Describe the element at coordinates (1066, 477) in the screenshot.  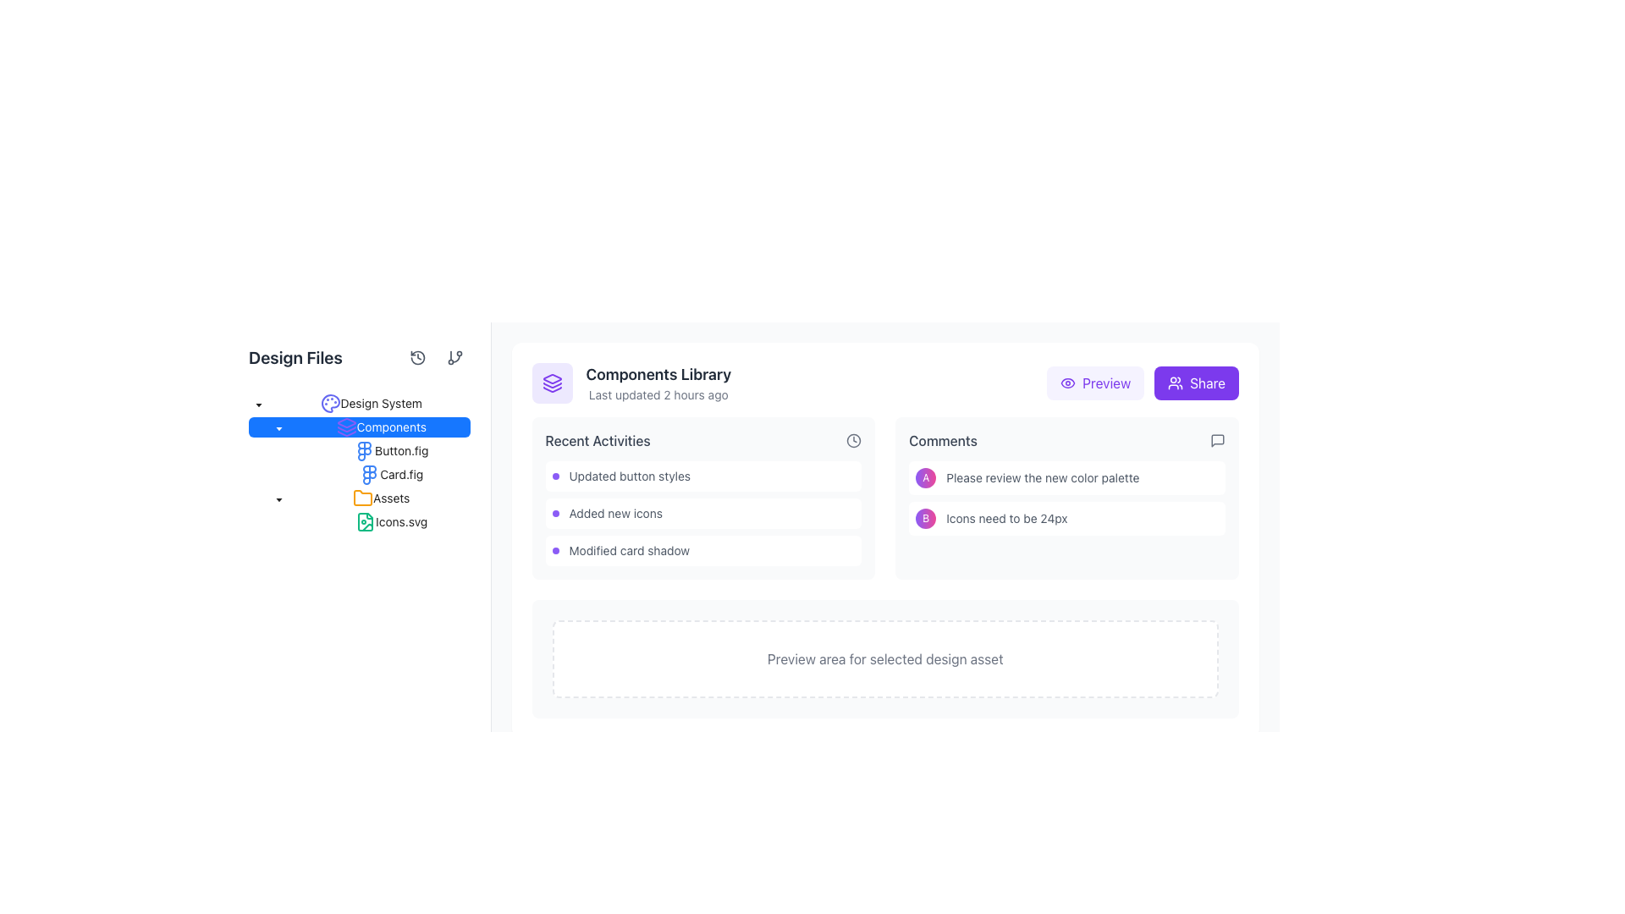
I see `the first row of the 'Comments' section, which is designated for comment entry and is positioned above a row containing 'B' and the text 'Icons need to be 24px'` at that location.